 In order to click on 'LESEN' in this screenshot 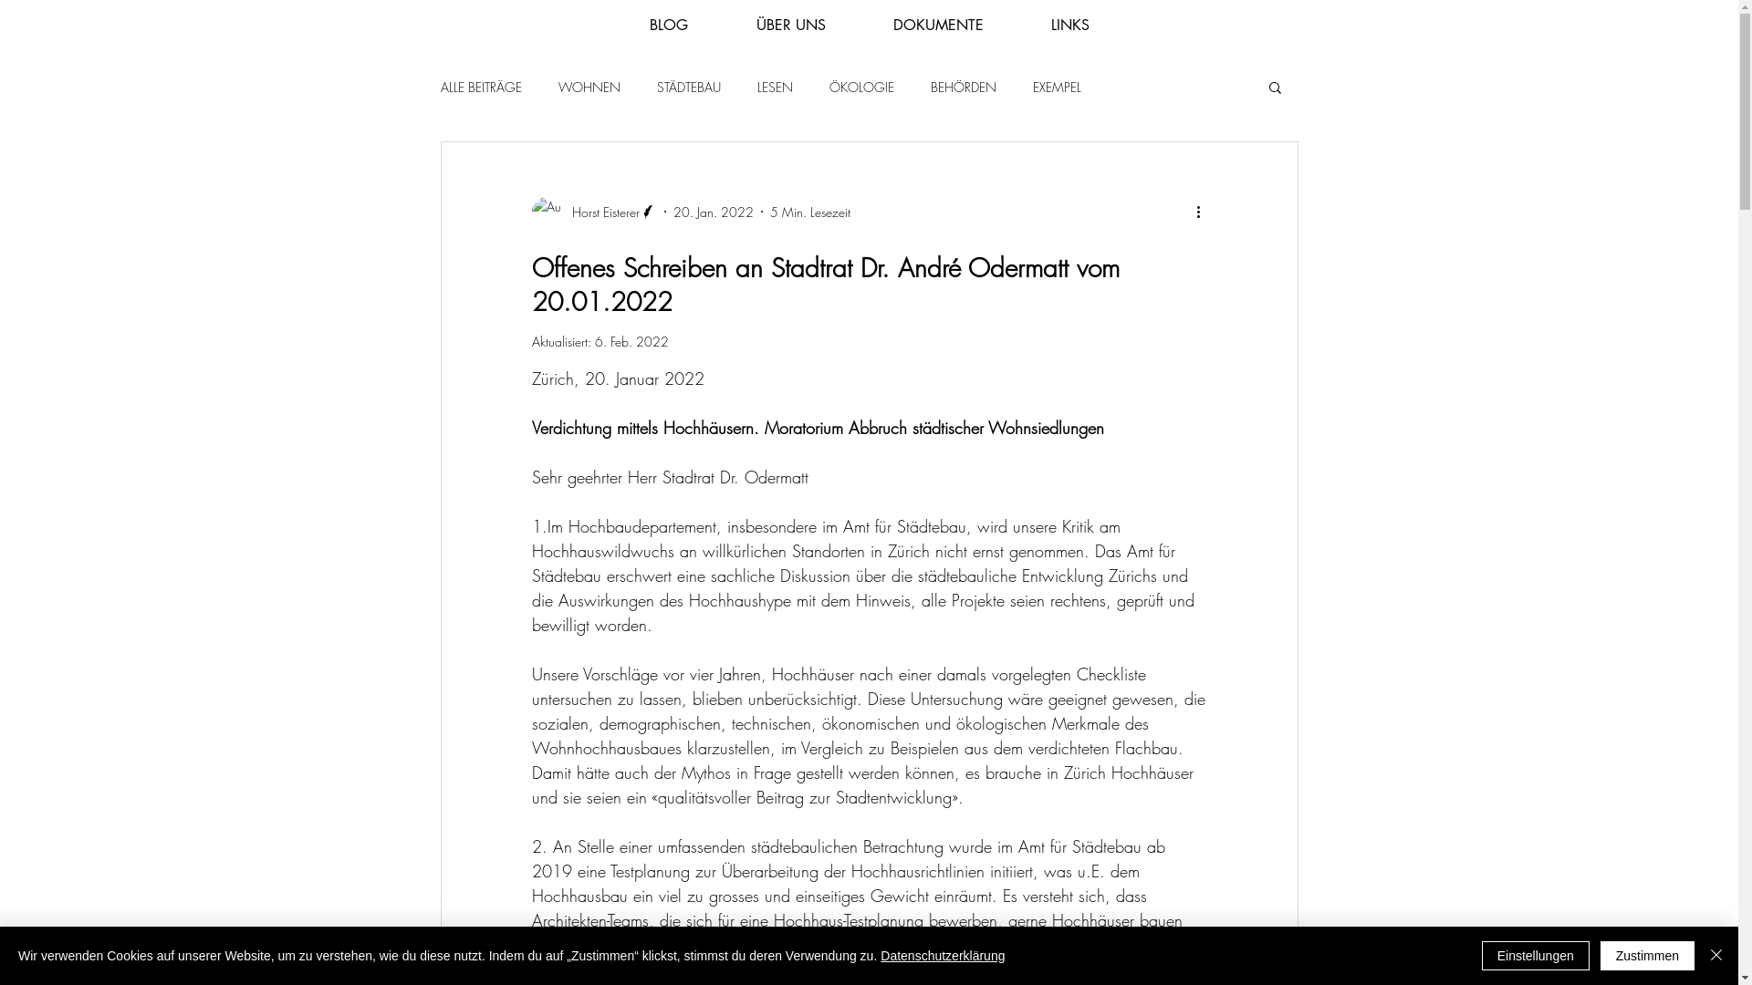, I will do `click(775, 87)`.